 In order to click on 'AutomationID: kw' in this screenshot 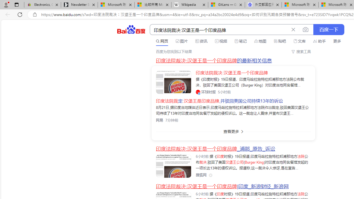, I will do `click(219, 30)`.